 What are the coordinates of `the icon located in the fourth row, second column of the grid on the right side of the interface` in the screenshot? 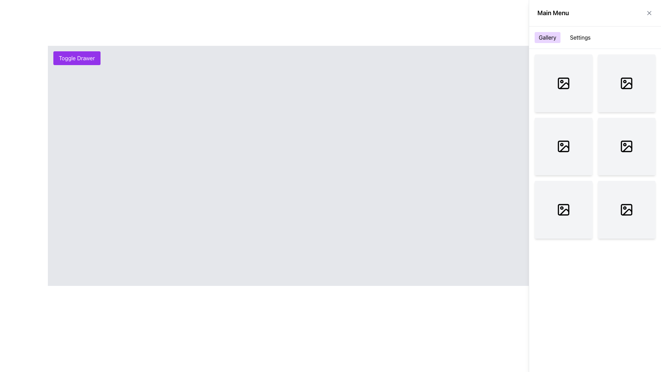 It's located at (563, 209).